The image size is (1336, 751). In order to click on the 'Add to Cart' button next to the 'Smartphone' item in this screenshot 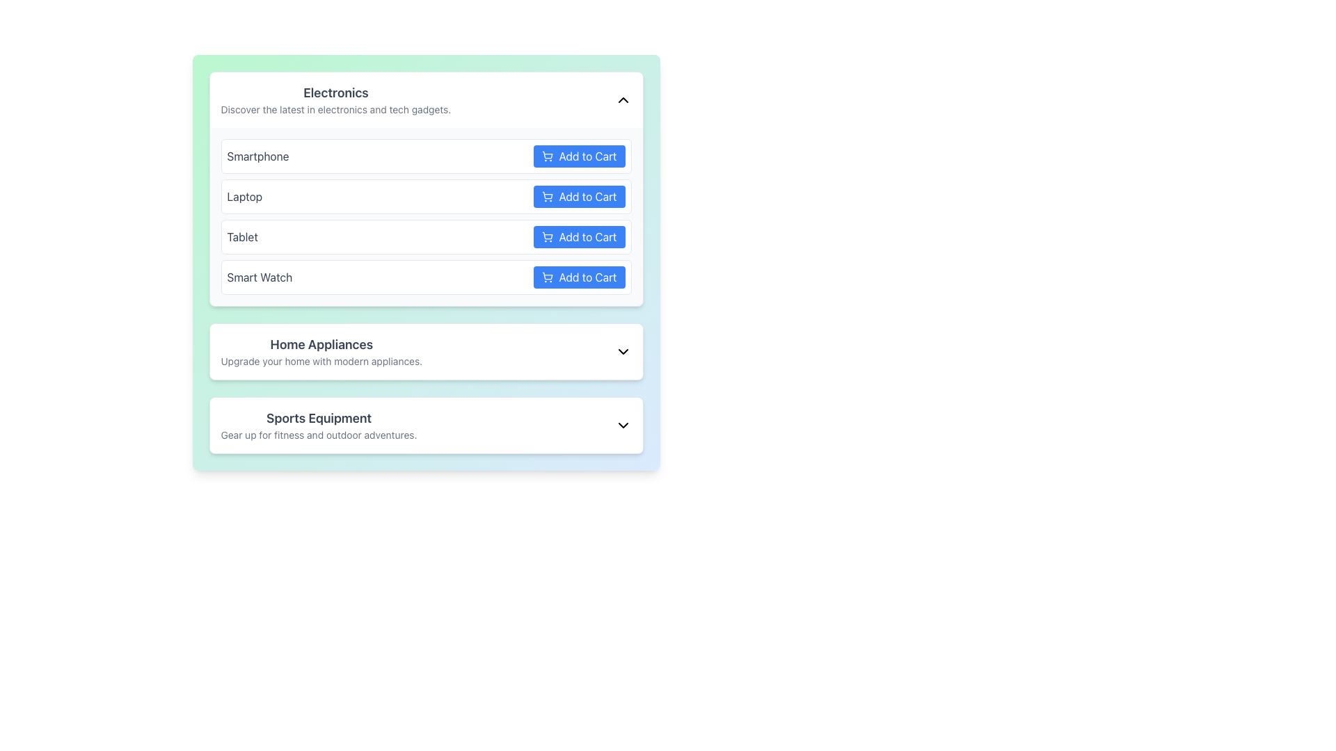, I will do `click(579, 156)`.